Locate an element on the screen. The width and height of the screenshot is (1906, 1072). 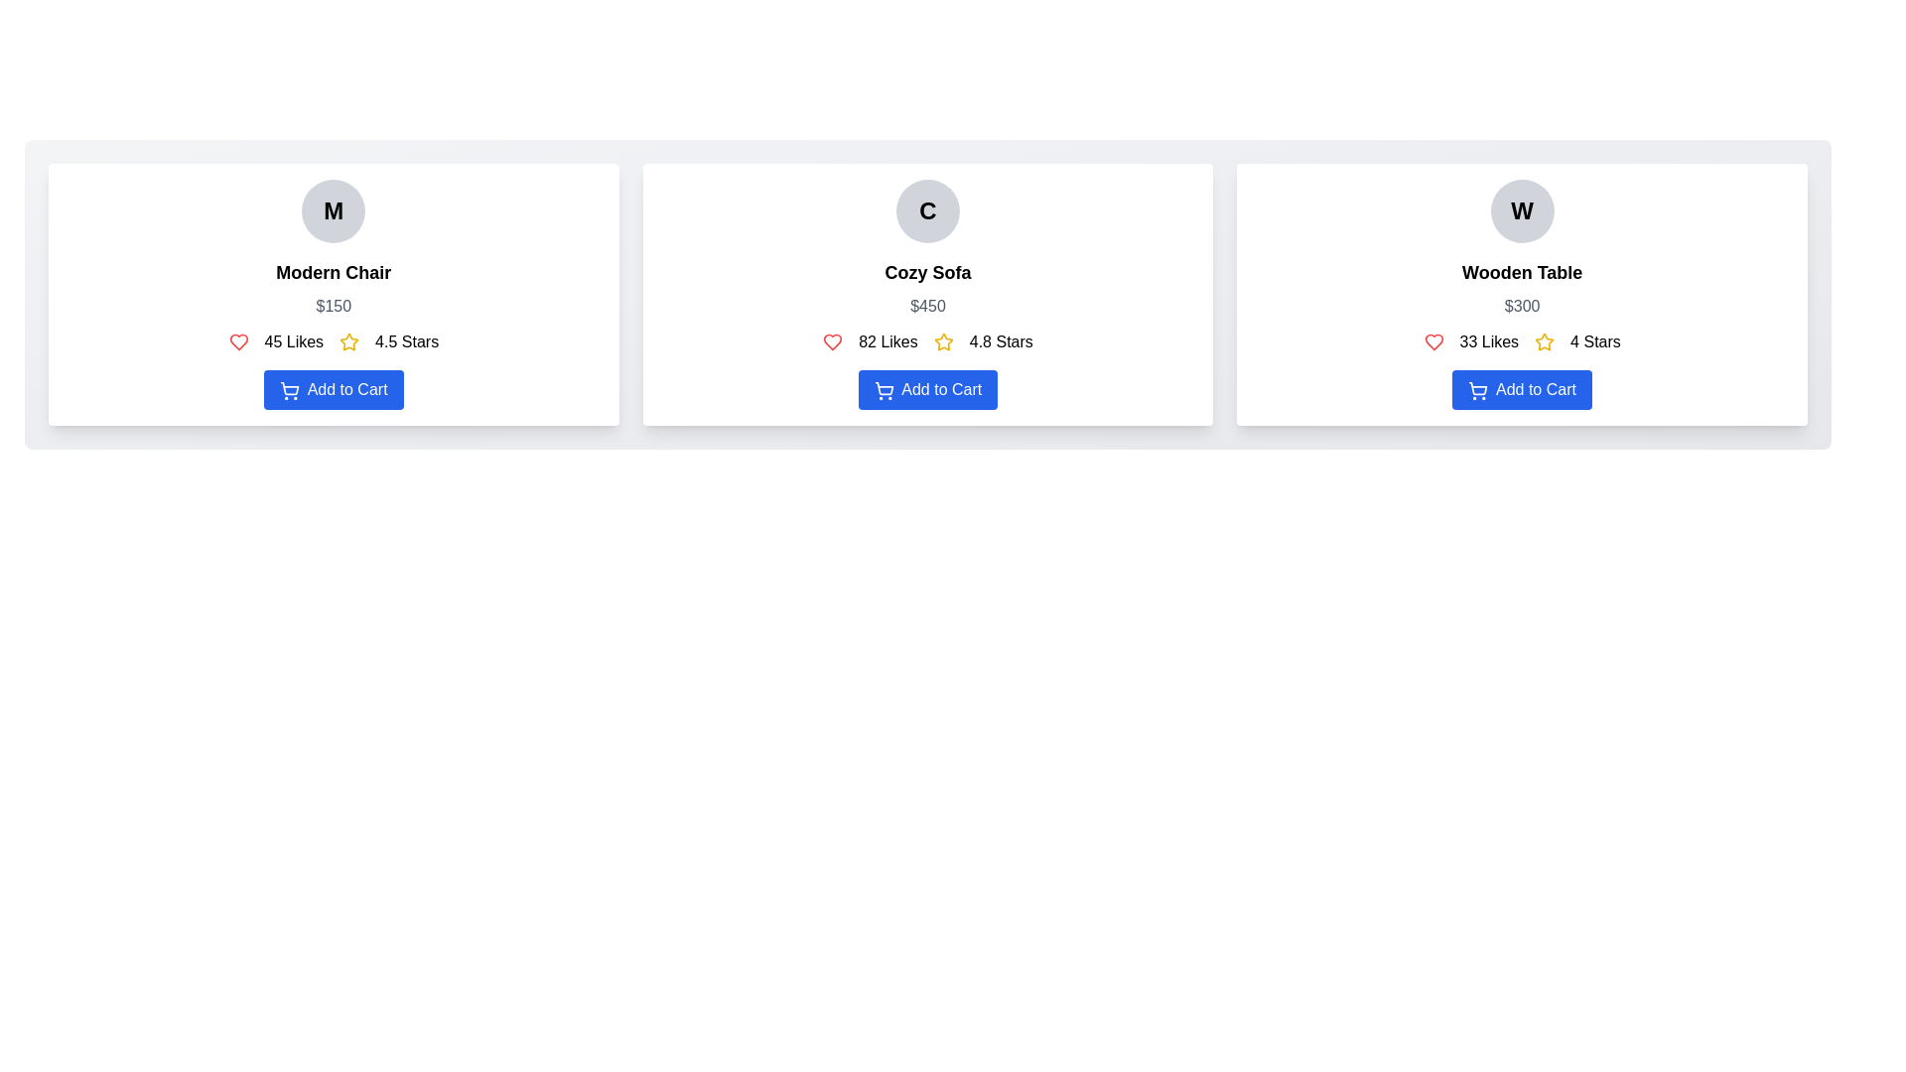
the yellow star icon with rounded edges and a bold outline, located between the '45 Likes' text and '4.5 Stars' text in the product details for 'Modern Chair' is located at coordinates (349, 340).